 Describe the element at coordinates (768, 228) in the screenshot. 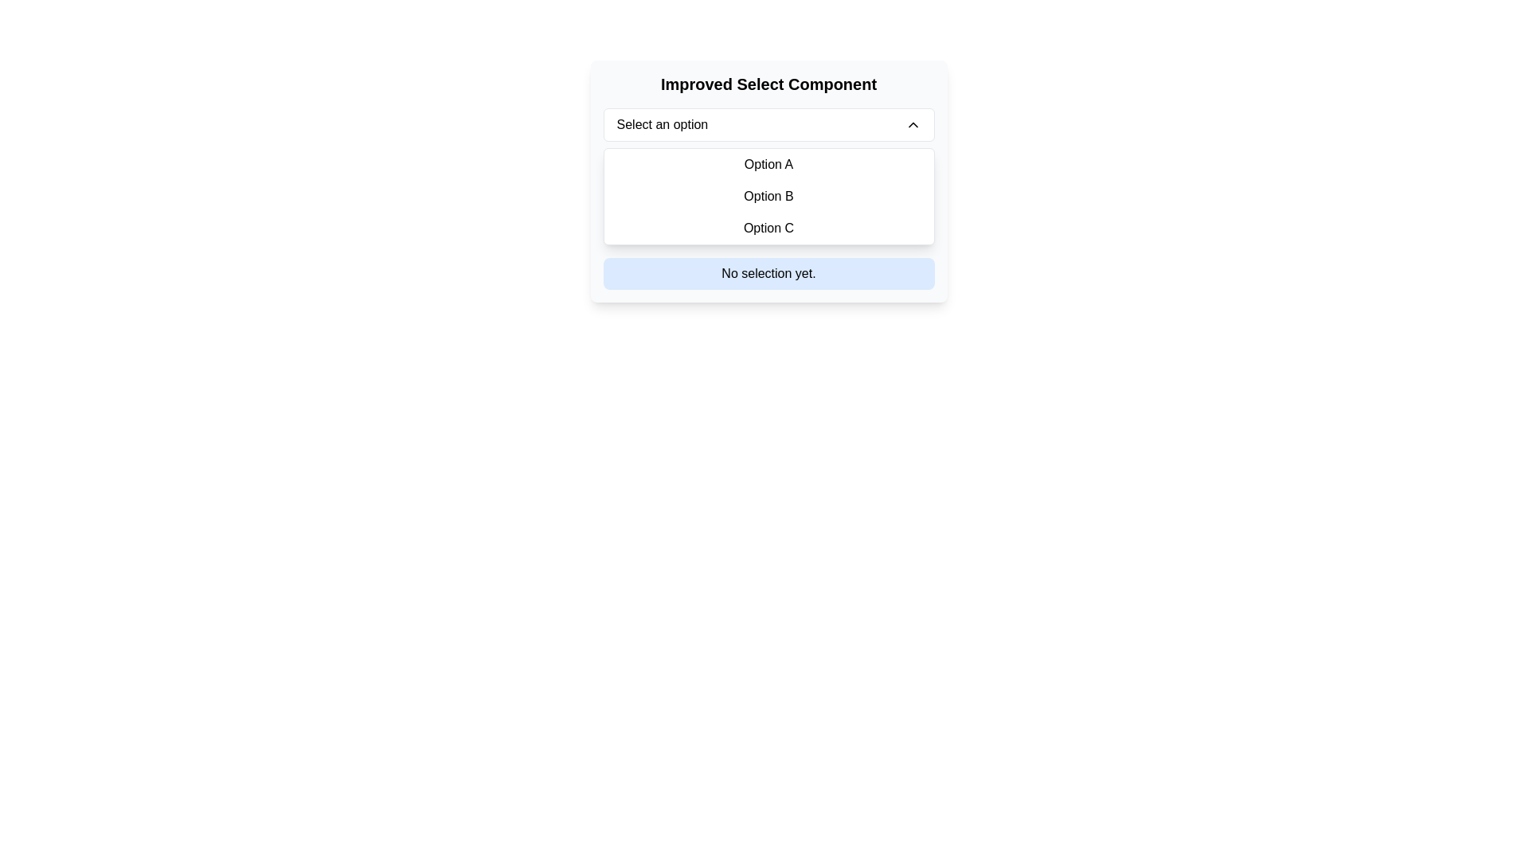

I see `the third item in the dropdown menu which represents 'Option C'` at that location.